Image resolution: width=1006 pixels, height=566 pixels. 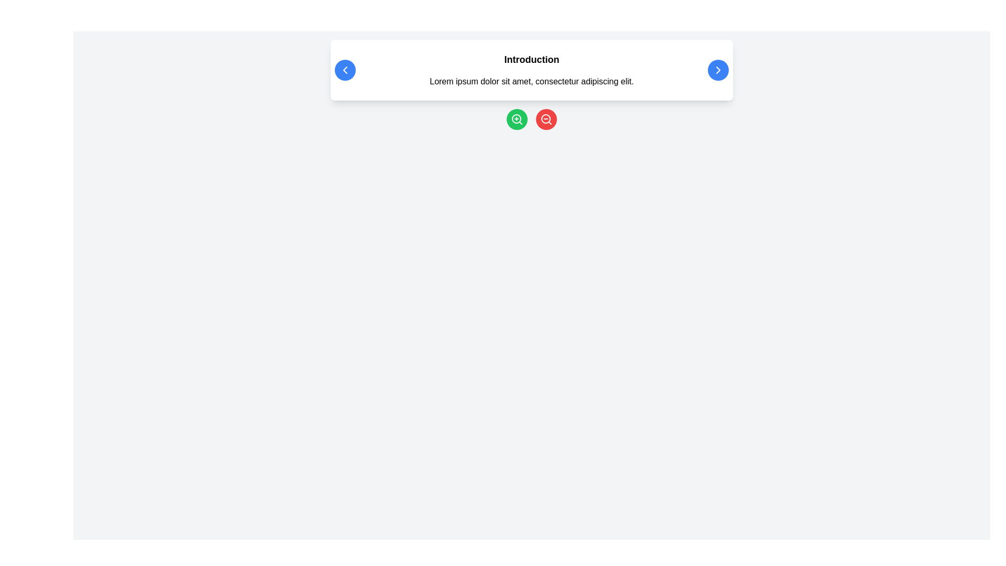 I want to click on the text displayed in the text component that reads 'Lorem ipsum dolor sit amet, consectetur adipiscing elit.', located directly below the 'Introduction' heading, so click(x=531, y=81).